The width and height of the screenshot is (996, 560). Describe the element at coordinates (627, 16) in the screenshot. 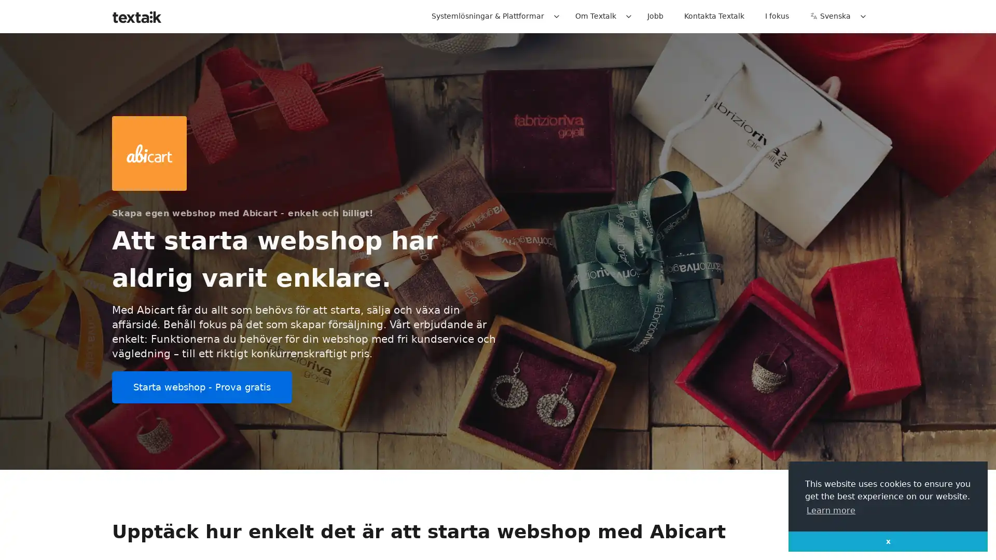

I see `Expand / collapse menu` at that location.